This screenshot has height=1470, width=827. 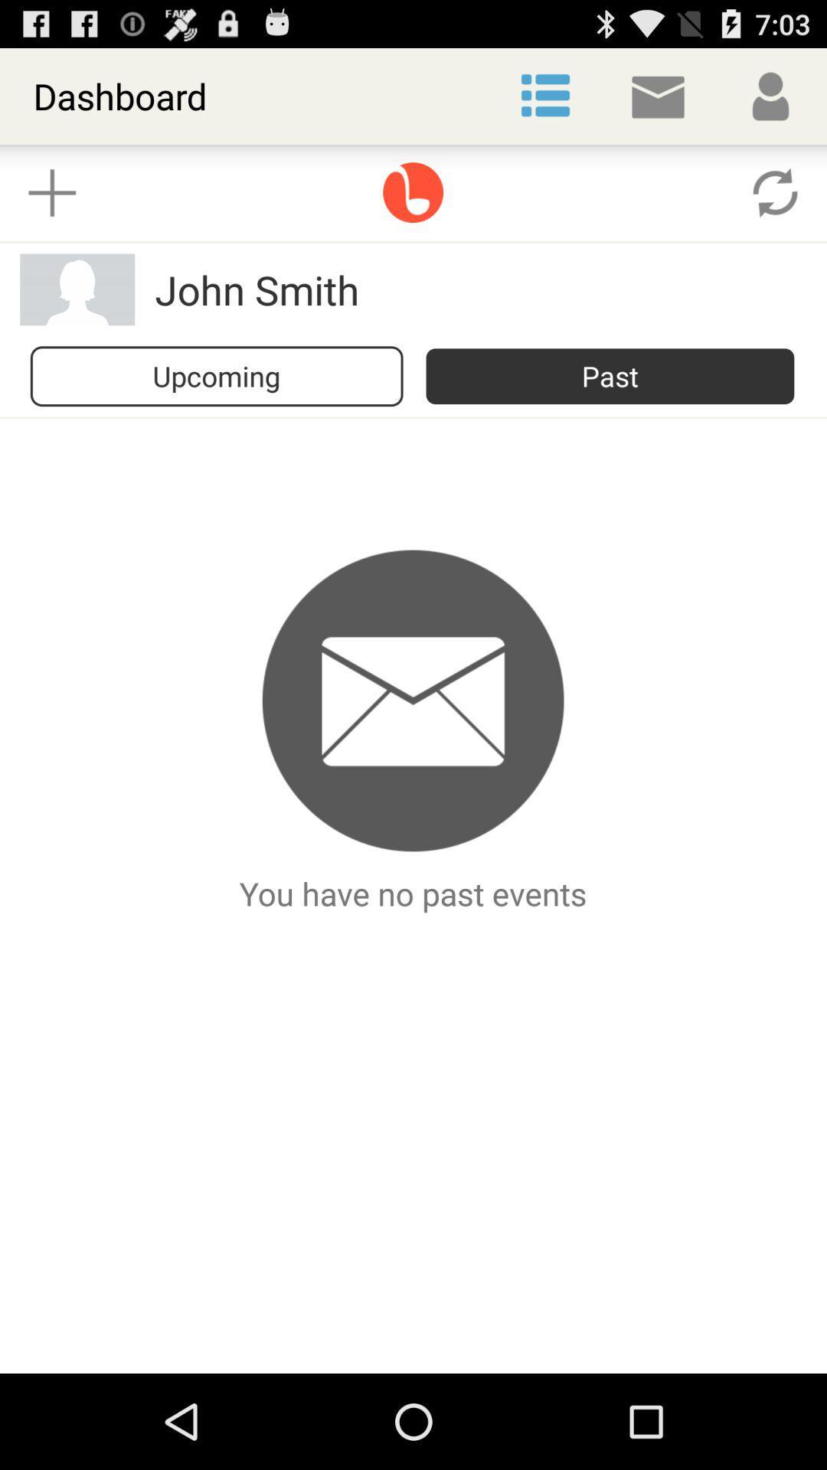 What do you see at coordinates (774, 205) in the screenshot?
I see `the refresh icon` at bounding box center [774, 205].